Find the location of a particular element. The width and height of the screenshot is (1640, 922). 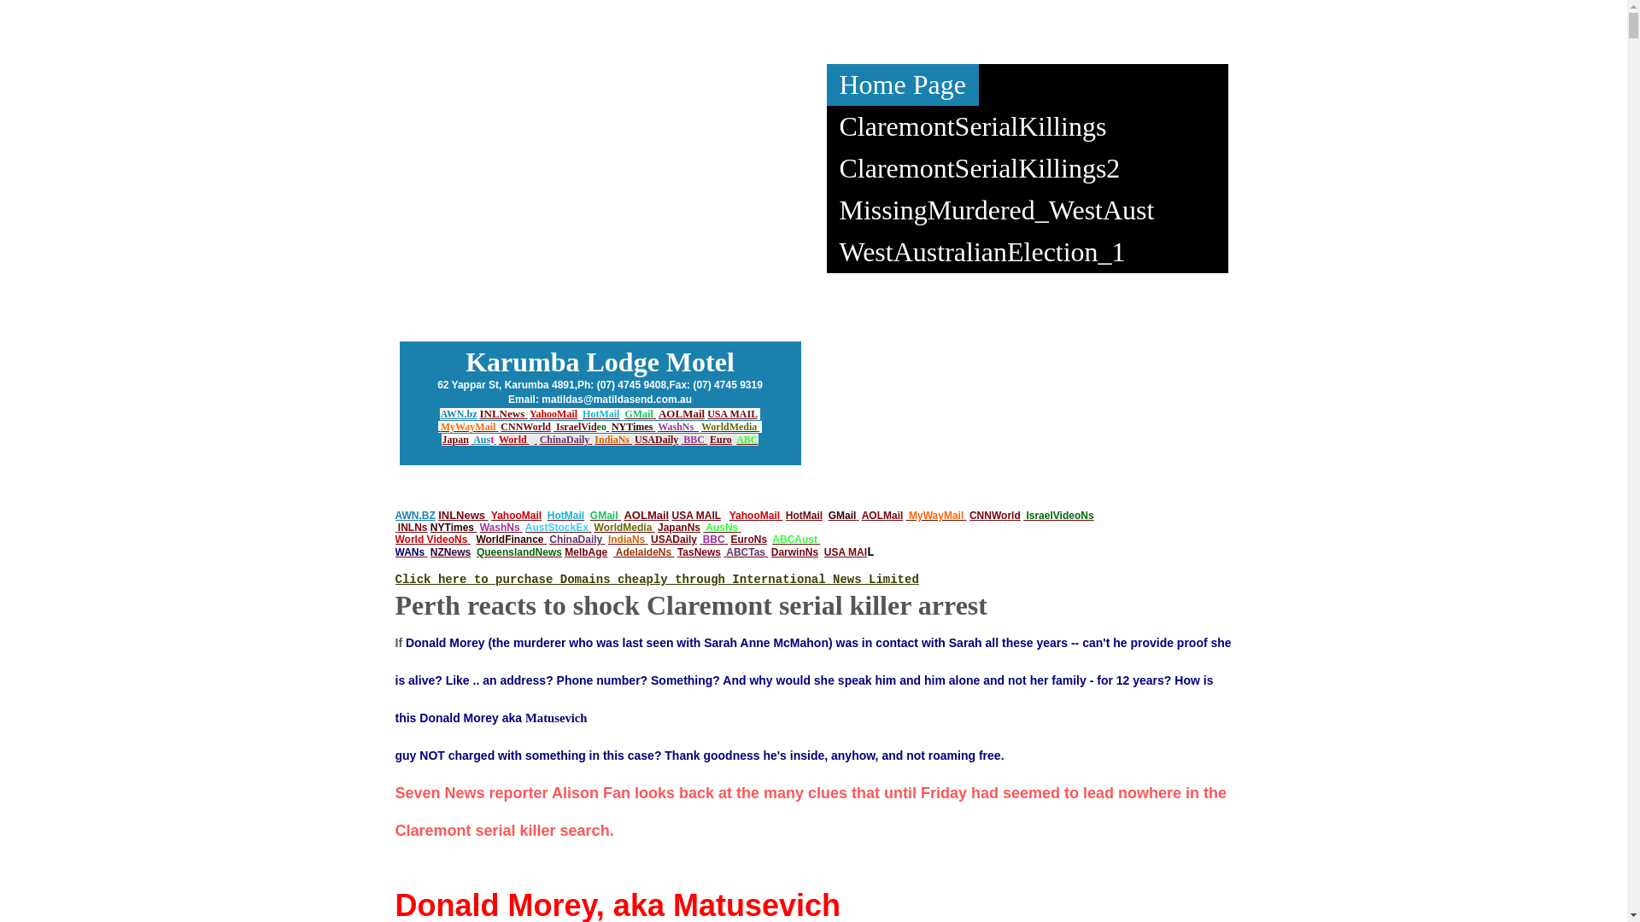

'AusNs' is located at coordinates (721, 526).